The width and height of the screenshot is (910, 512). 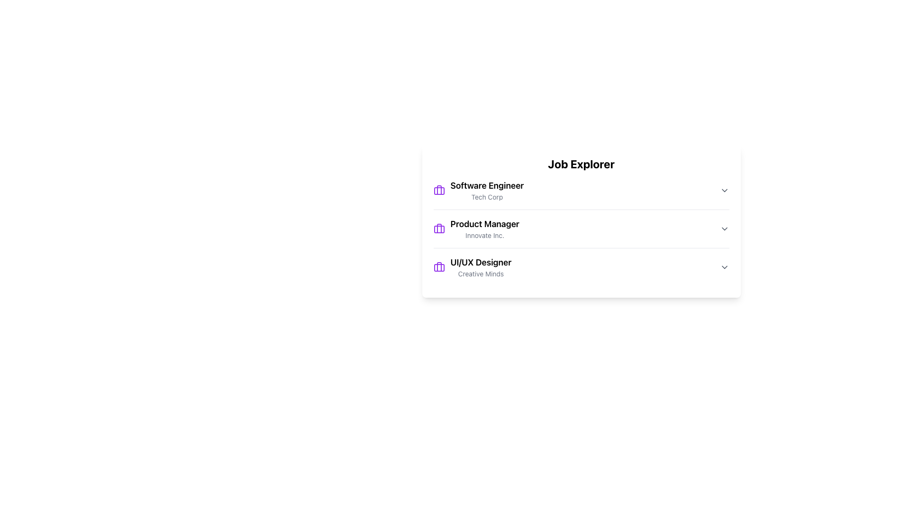 I want to click on text label displaying 'UI/UX Designer', which is styled in bold and situated in the third item of the job listings panel, so click(x=481, y=263).